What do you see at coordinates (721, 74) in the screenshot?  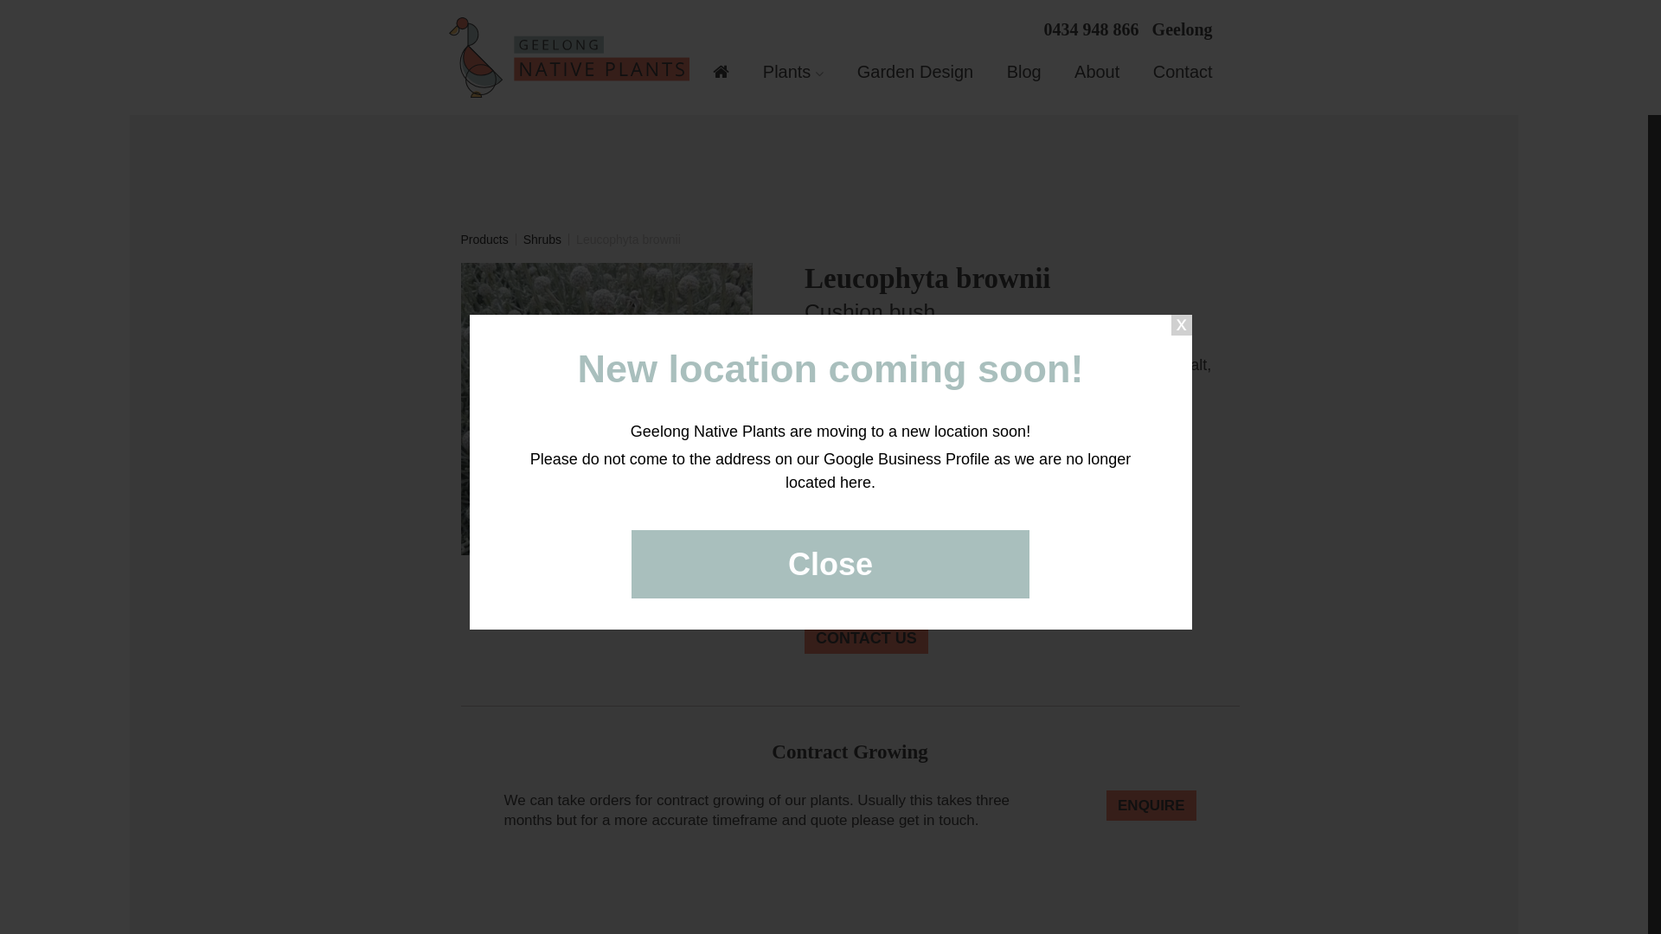 I see `'Home'` at bounding box center [721, 74].